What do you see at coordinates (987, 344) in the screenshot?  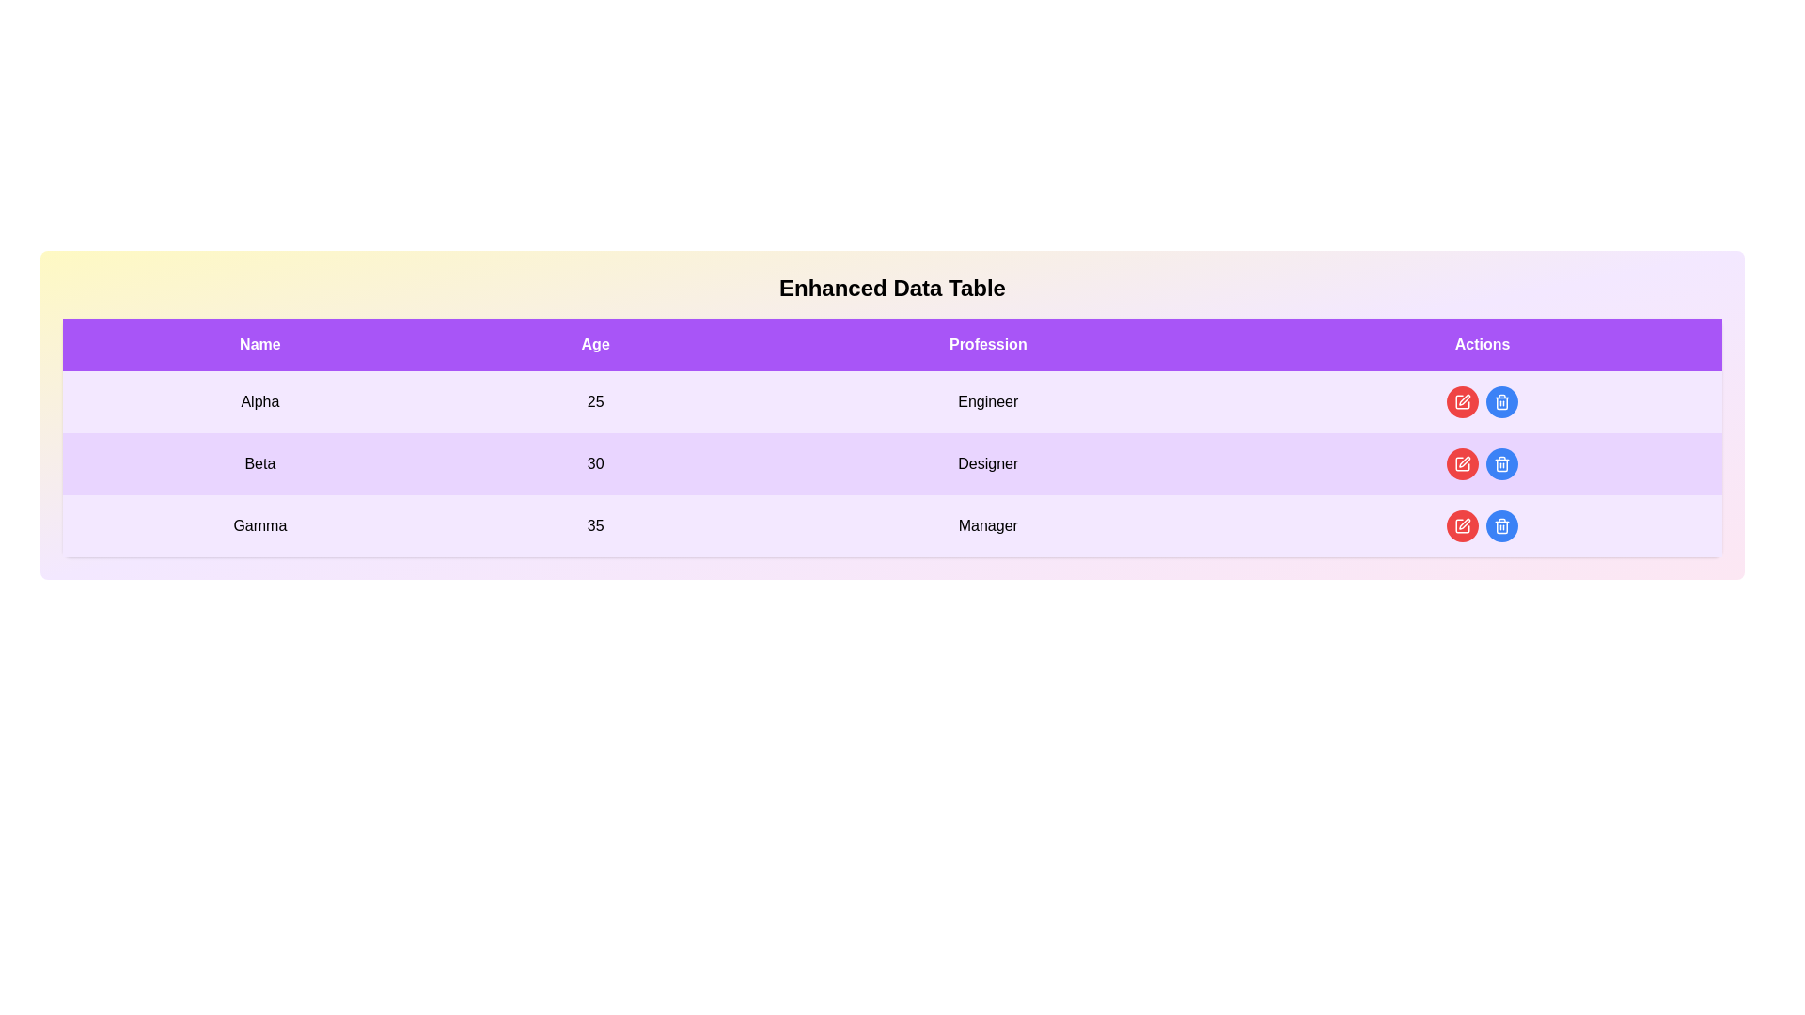 I see `the Profession header to sort the table by that column` at bounding box center [987, 344].